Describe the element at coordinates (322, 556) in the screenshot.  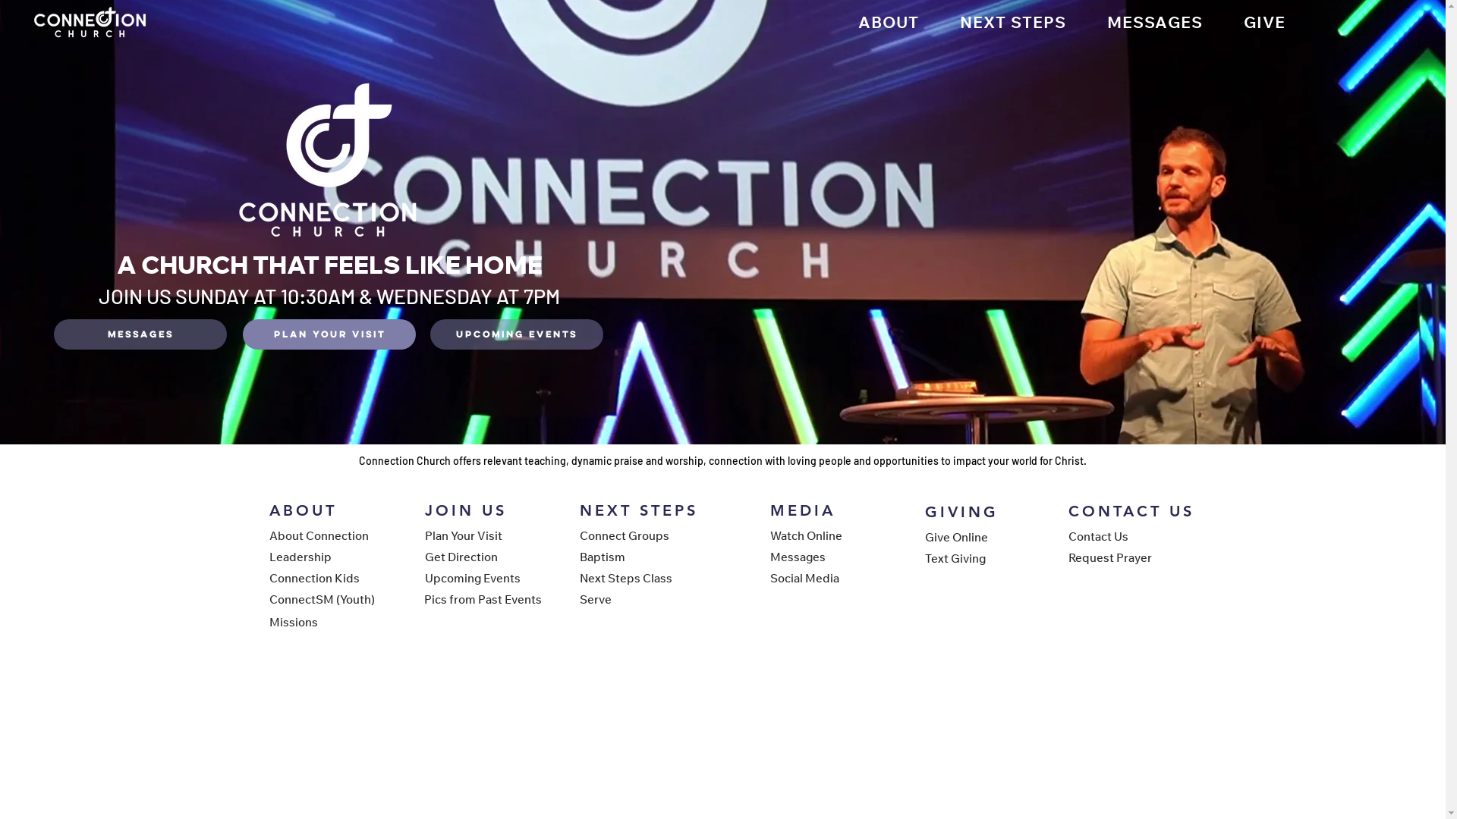
I see `'Leadership'` at that location.